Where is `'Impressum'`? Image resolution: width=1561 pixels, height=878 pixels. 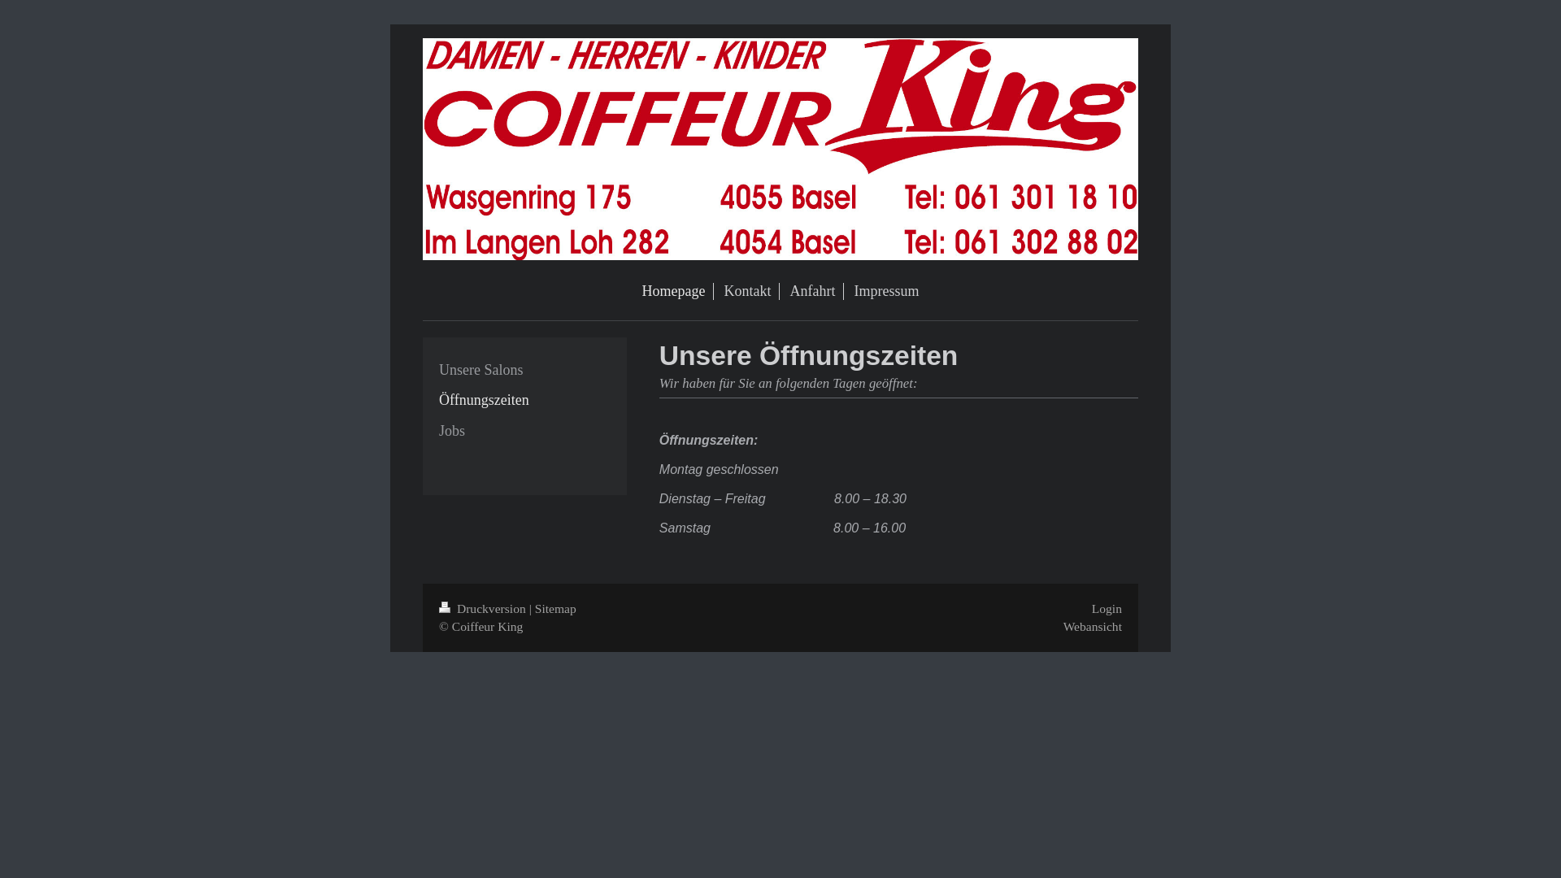
'Impressum' is located at coordinates (885, 290).